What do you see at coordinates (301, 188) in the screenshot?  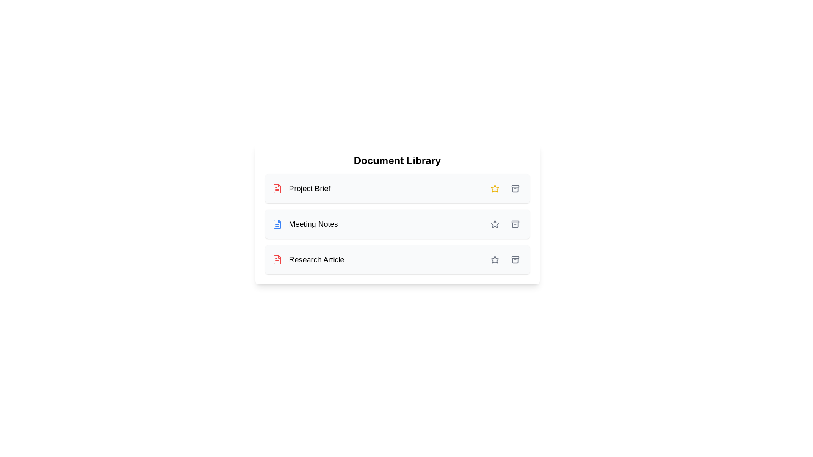 I see `the document named Project Brief to view its details` at bounding box center [301, 188].